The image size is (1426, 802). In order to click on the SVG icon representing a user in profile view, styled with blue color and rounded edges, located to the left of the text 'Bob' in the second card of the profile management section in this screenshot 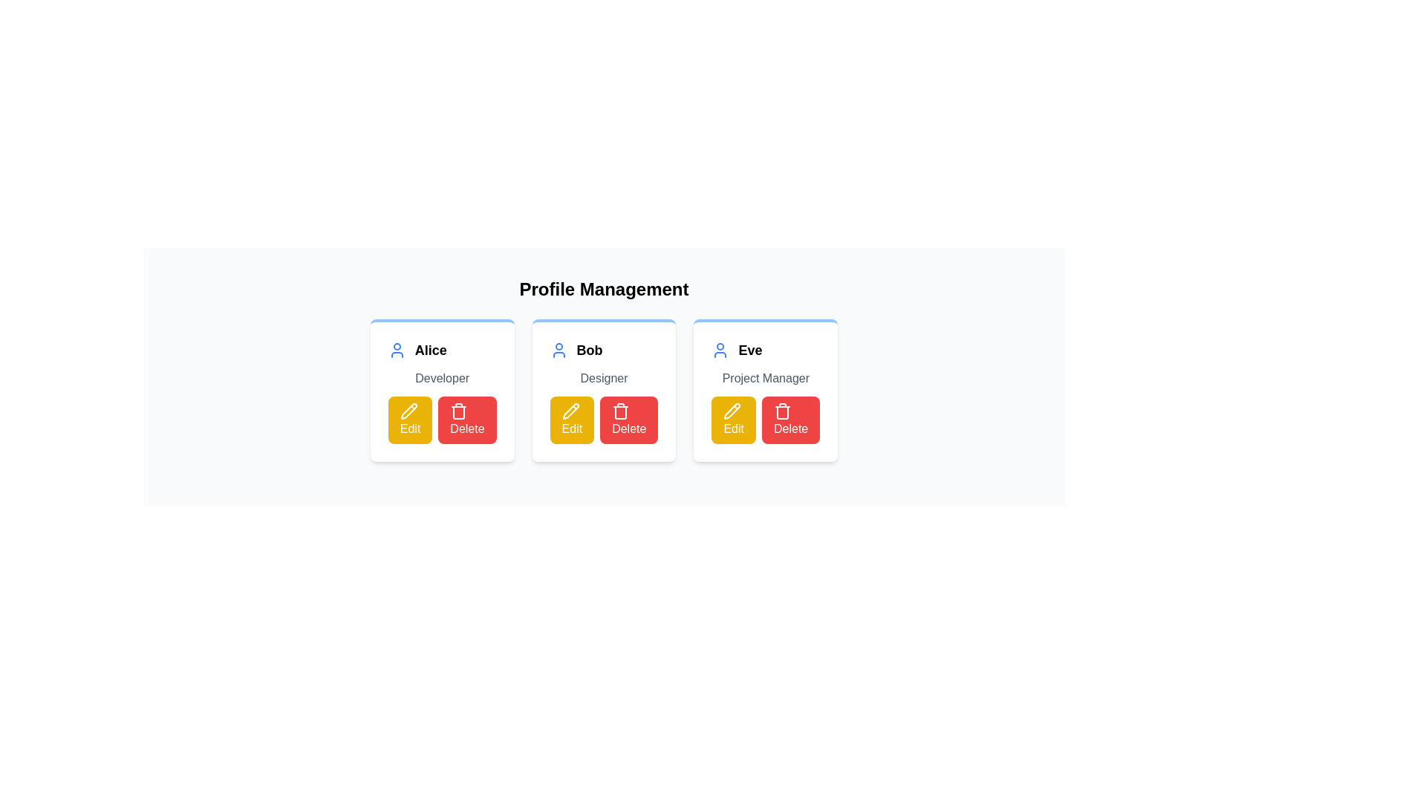, I will do `click(558, 350)`.